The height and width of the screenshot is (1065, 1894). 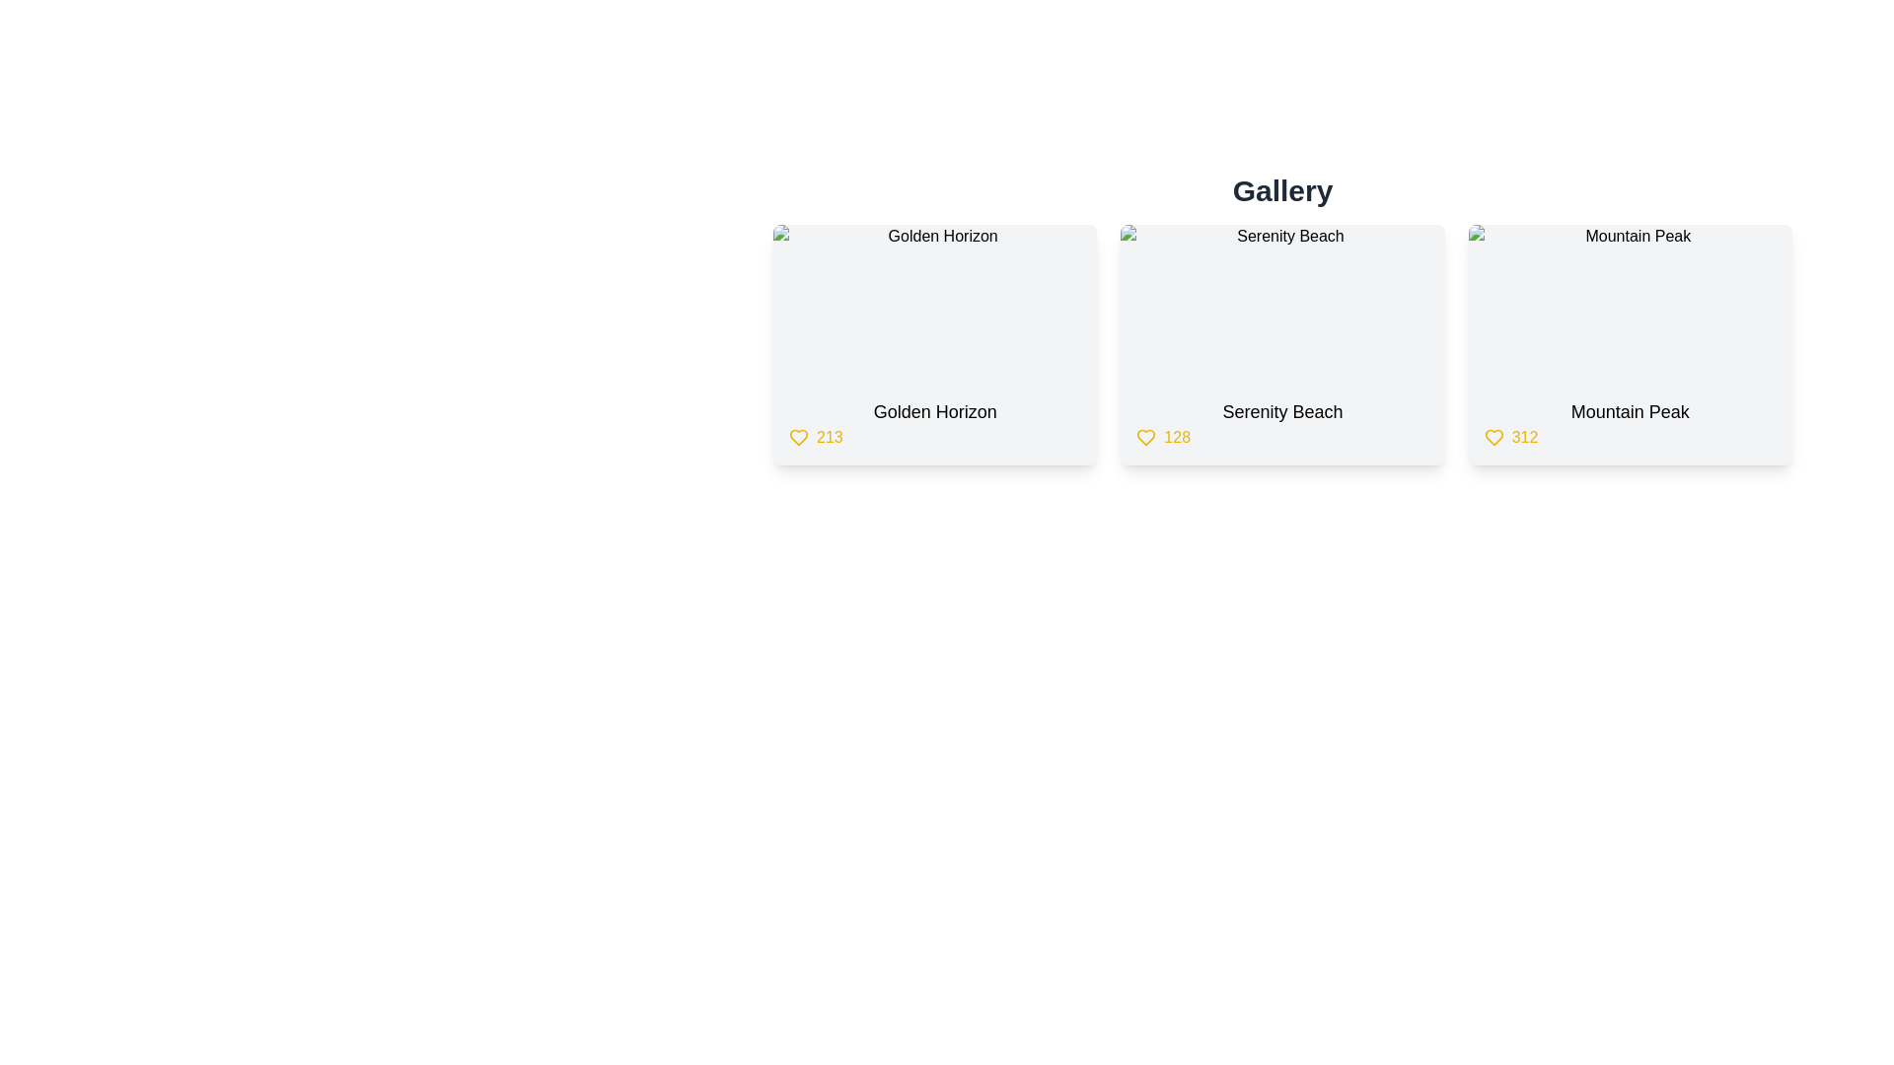 I want to click on the image at the top center of the 'Serenity Beach' card, so click(x=1282, y=304).